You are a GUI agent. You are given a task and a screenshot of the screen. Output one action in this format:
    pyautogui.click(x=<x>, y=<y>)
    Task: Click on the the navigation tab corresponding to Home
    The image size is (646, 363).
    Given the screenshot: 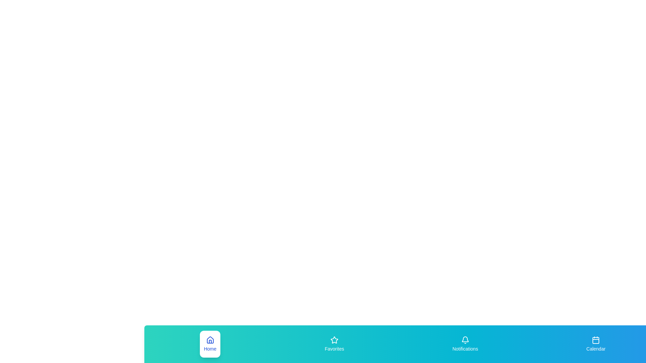 What is the action you would take?
    pyautogui.click(x=210, y=344)
    